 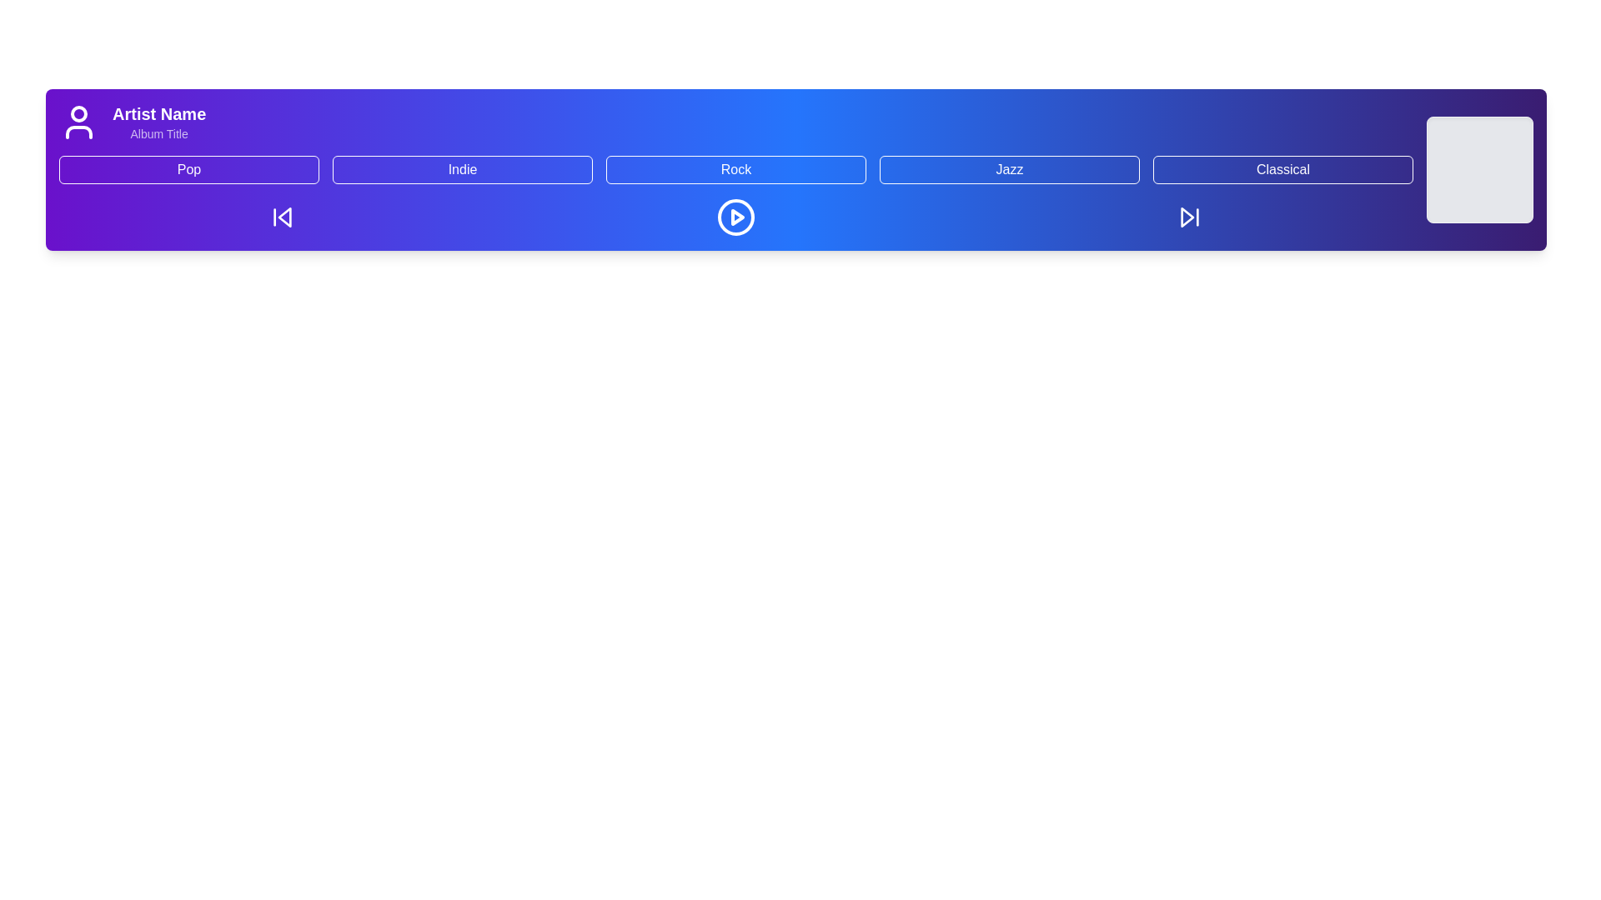 I want to click on the circular forward navigation button styled as an outlined arrow pointing to the right, so click(x=1188, y=217).